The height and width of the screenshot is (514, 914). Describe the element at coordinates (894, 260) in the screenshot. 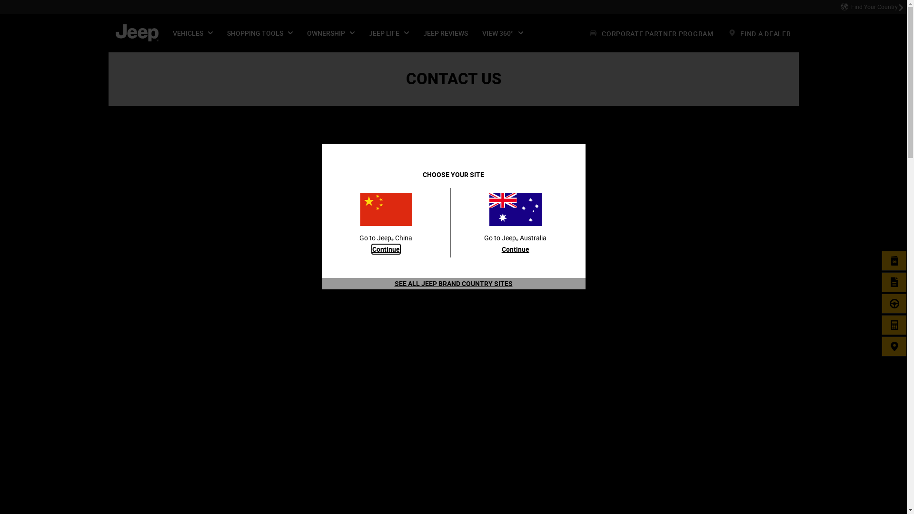

I see `'BROCHURE'` at that location.